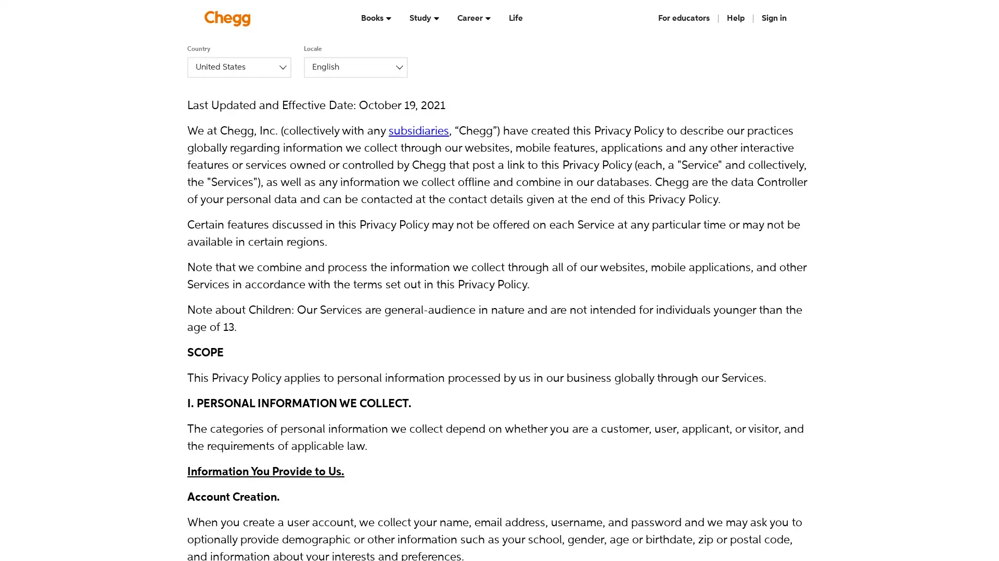 Image resolution: width=999 pixels, height=561 pixels. What do you see at coordinates (487, 18) in the screenshot?
I see `open submenu for Career` at bounding box center [487, 18].